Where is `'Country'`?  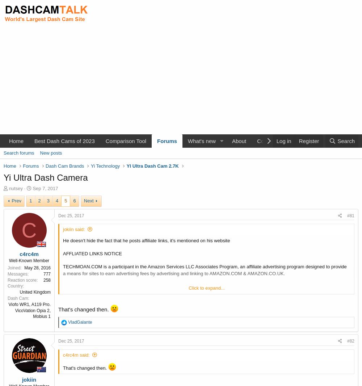
'Country' is located at coordinates (8, 286).